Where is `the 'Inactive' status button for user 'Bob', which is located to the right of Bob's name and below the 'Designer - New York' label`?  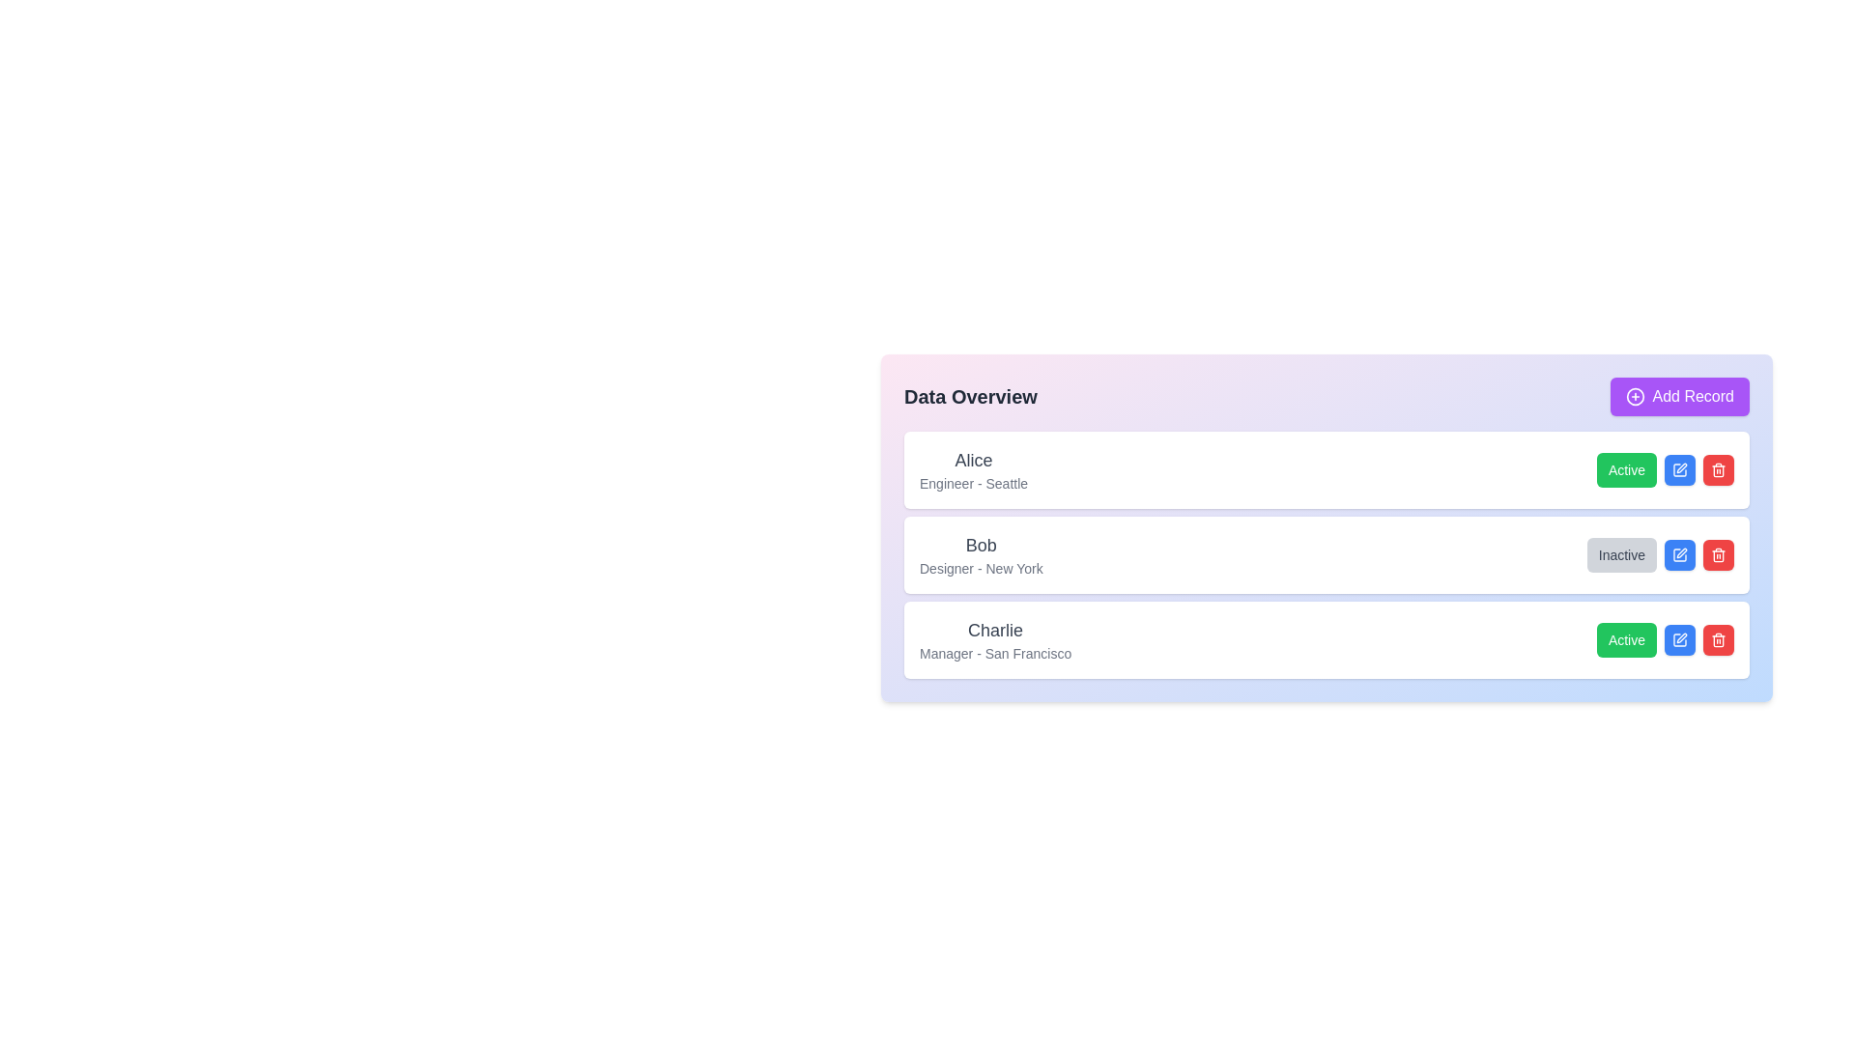
the 'Inactive' status button for user 'Bob', which is located to the right of Bob's name and below the 'Designer - New York' label is located at coordinates (1659, 554).